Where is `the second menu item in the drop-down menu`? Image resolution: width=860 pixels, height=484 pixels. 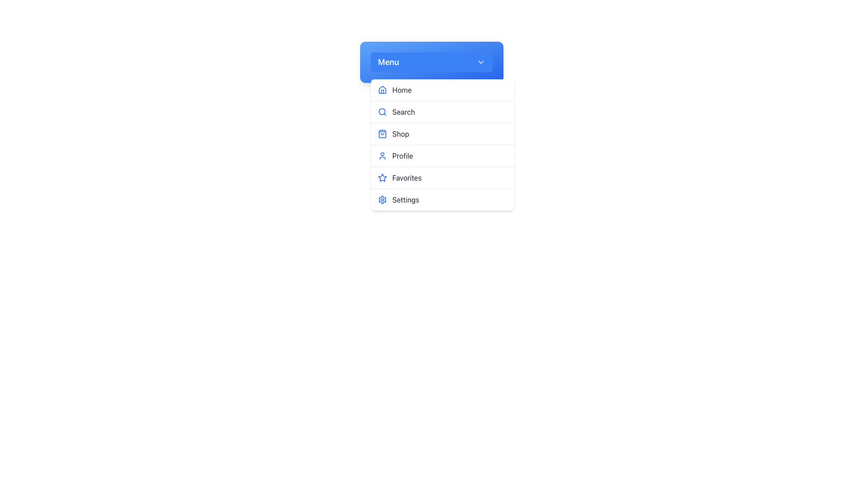 the second menu item in the drop-down menu is located at coordinates (443, 112).